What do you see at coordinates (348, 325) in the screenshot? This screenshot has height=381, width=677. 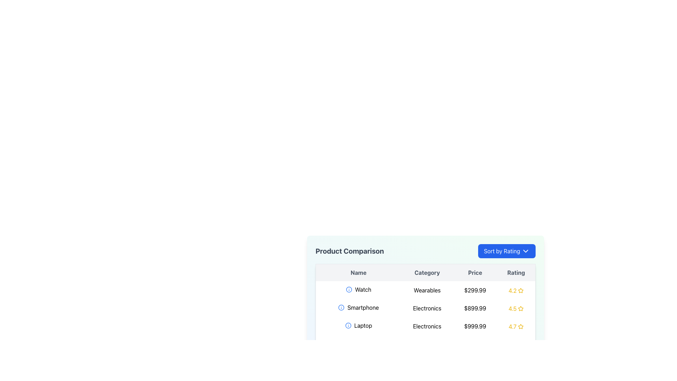 I see `the informational icon located to the left of the 'Laptop' text in the bottom row of the product comparison table` at bounding box center [348, 325].